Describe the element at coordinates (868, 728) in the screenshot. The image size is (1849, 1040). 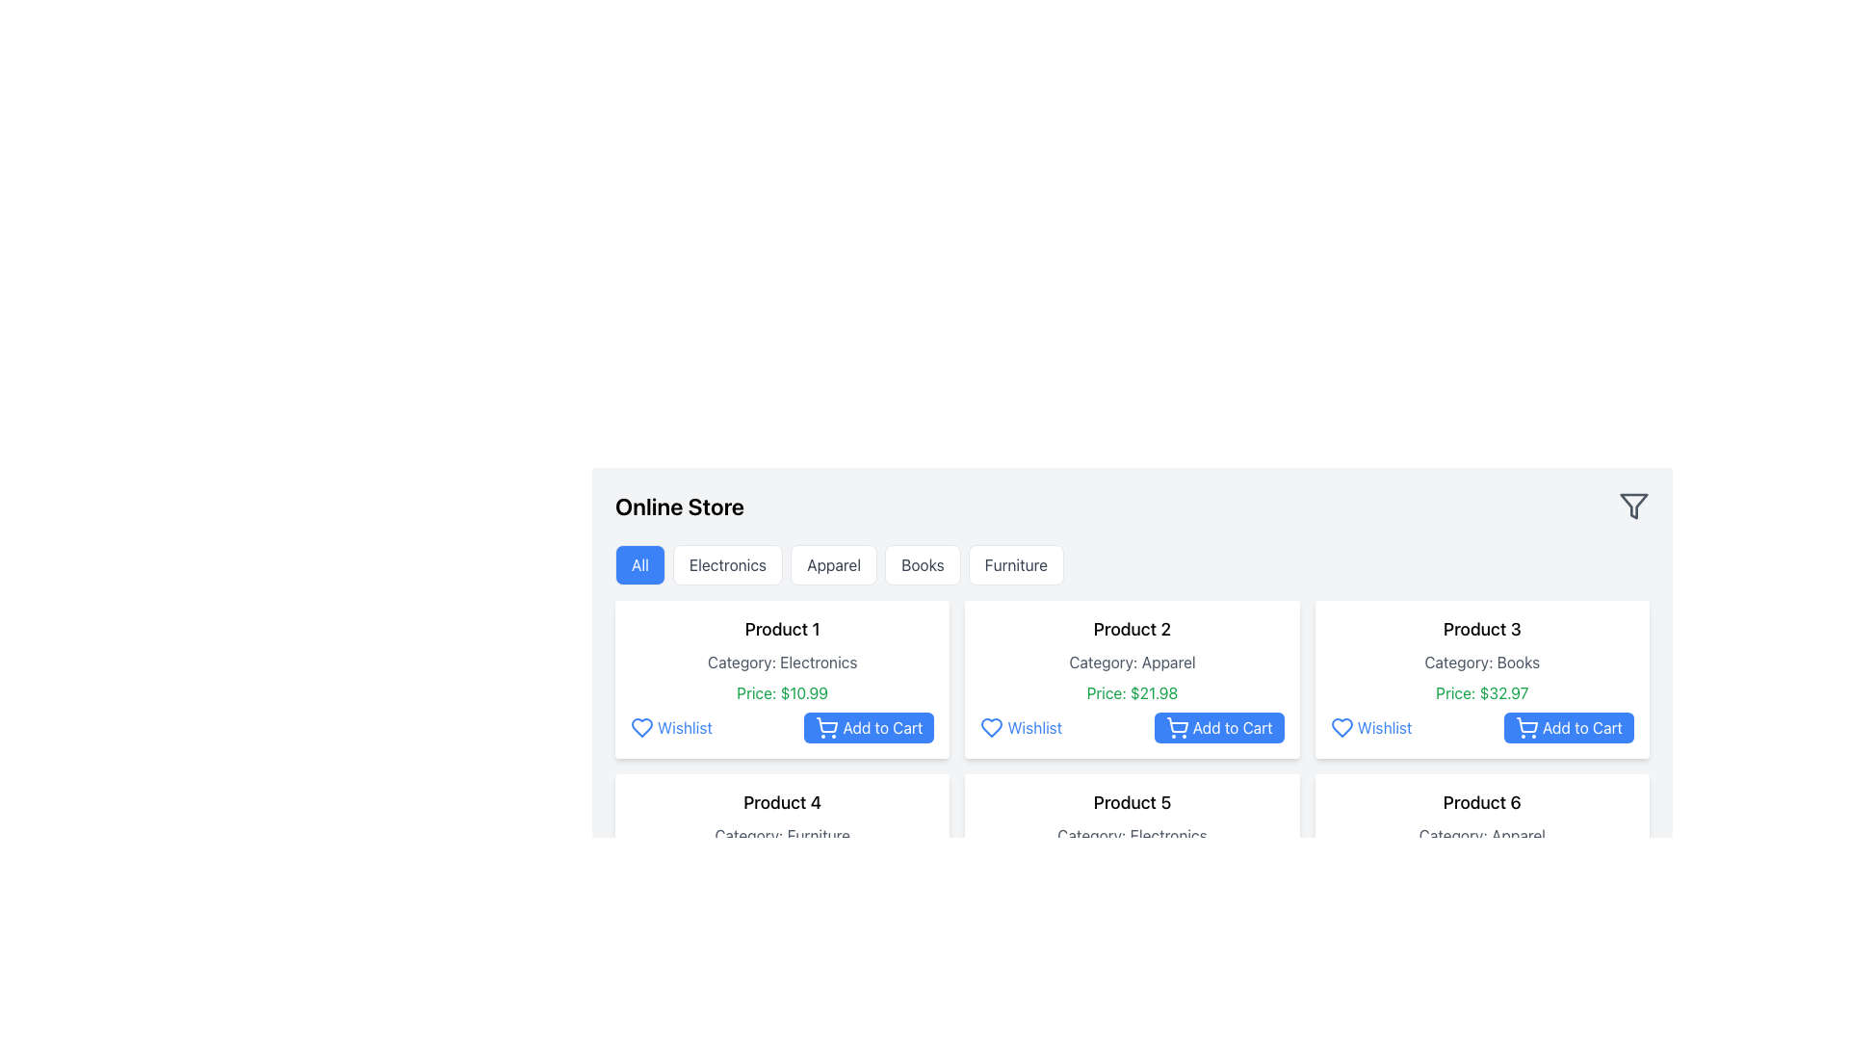
I see `the 'Add to Cart' button located in the 'Product 1' card, positioned below the price information and to the right of the 'Wishlist' link` at that location.